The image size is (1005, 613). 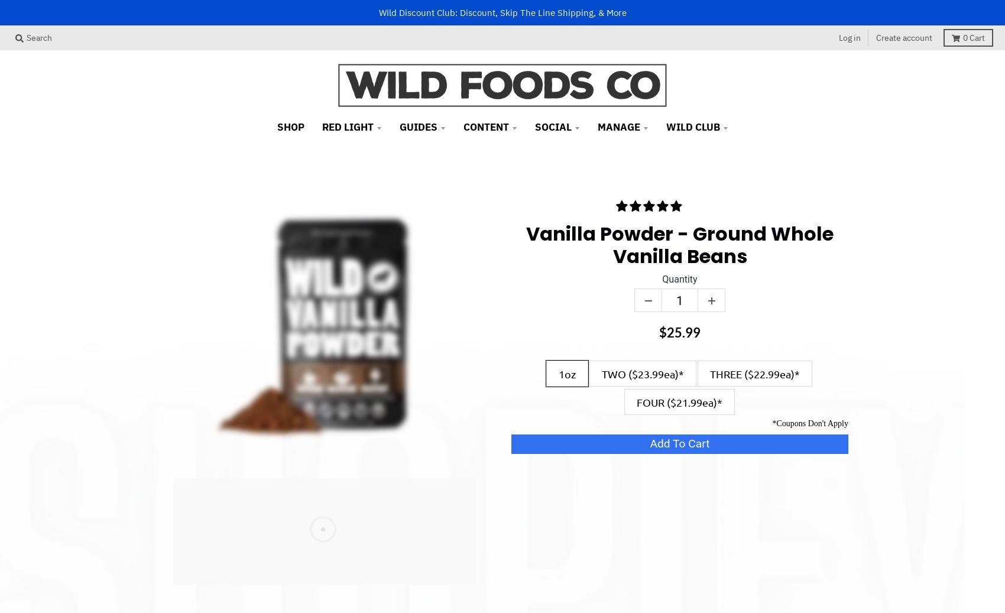 I want to click on 'Add To Cart', so click(x=650, y=443).